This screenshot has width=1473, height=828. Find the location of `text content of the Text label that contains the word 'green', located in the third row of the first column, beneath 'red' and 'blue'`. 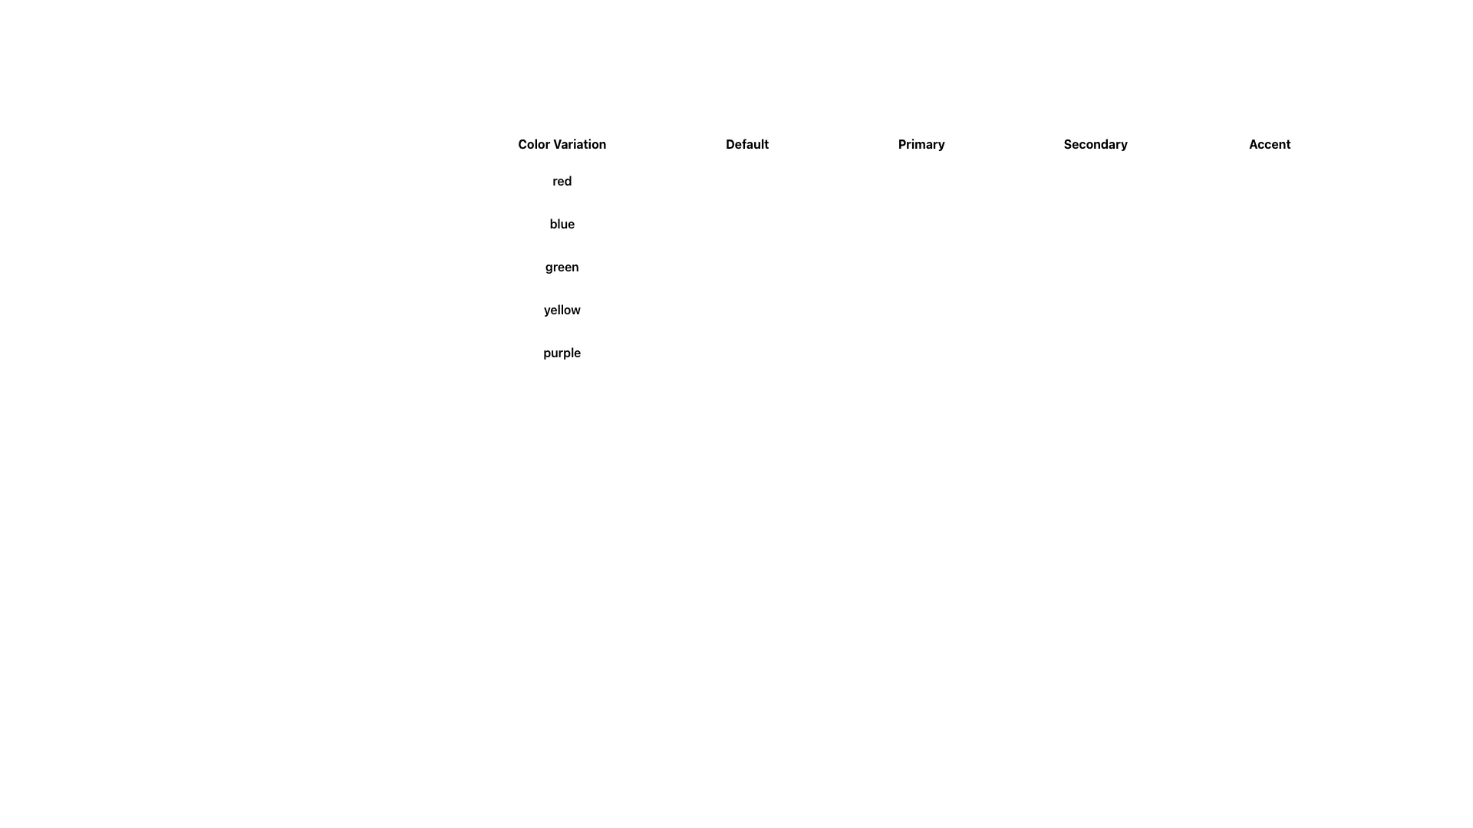

text content of the Text label that contains the word 'green', located in the third row of the first column, beneath 'red' and 'blue' is located at coordinates (747, 265).